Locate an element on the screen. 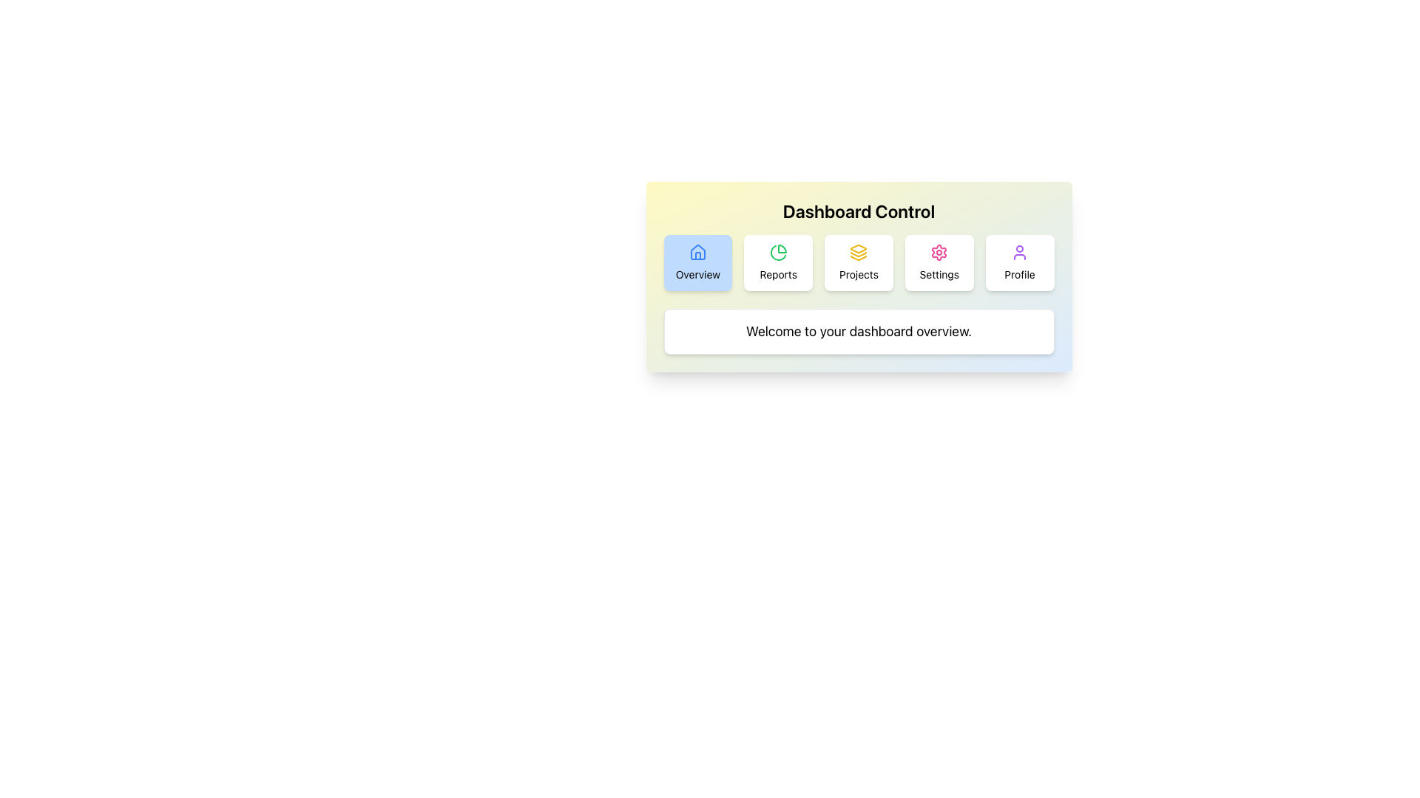  the user profile icon, which is a circular head and partial body silhouette styled in a line-drawn manner with purple lines, located in the Profile card section at the bottom-right corner of the dashboard interface is located at coordinates (1019, 252).